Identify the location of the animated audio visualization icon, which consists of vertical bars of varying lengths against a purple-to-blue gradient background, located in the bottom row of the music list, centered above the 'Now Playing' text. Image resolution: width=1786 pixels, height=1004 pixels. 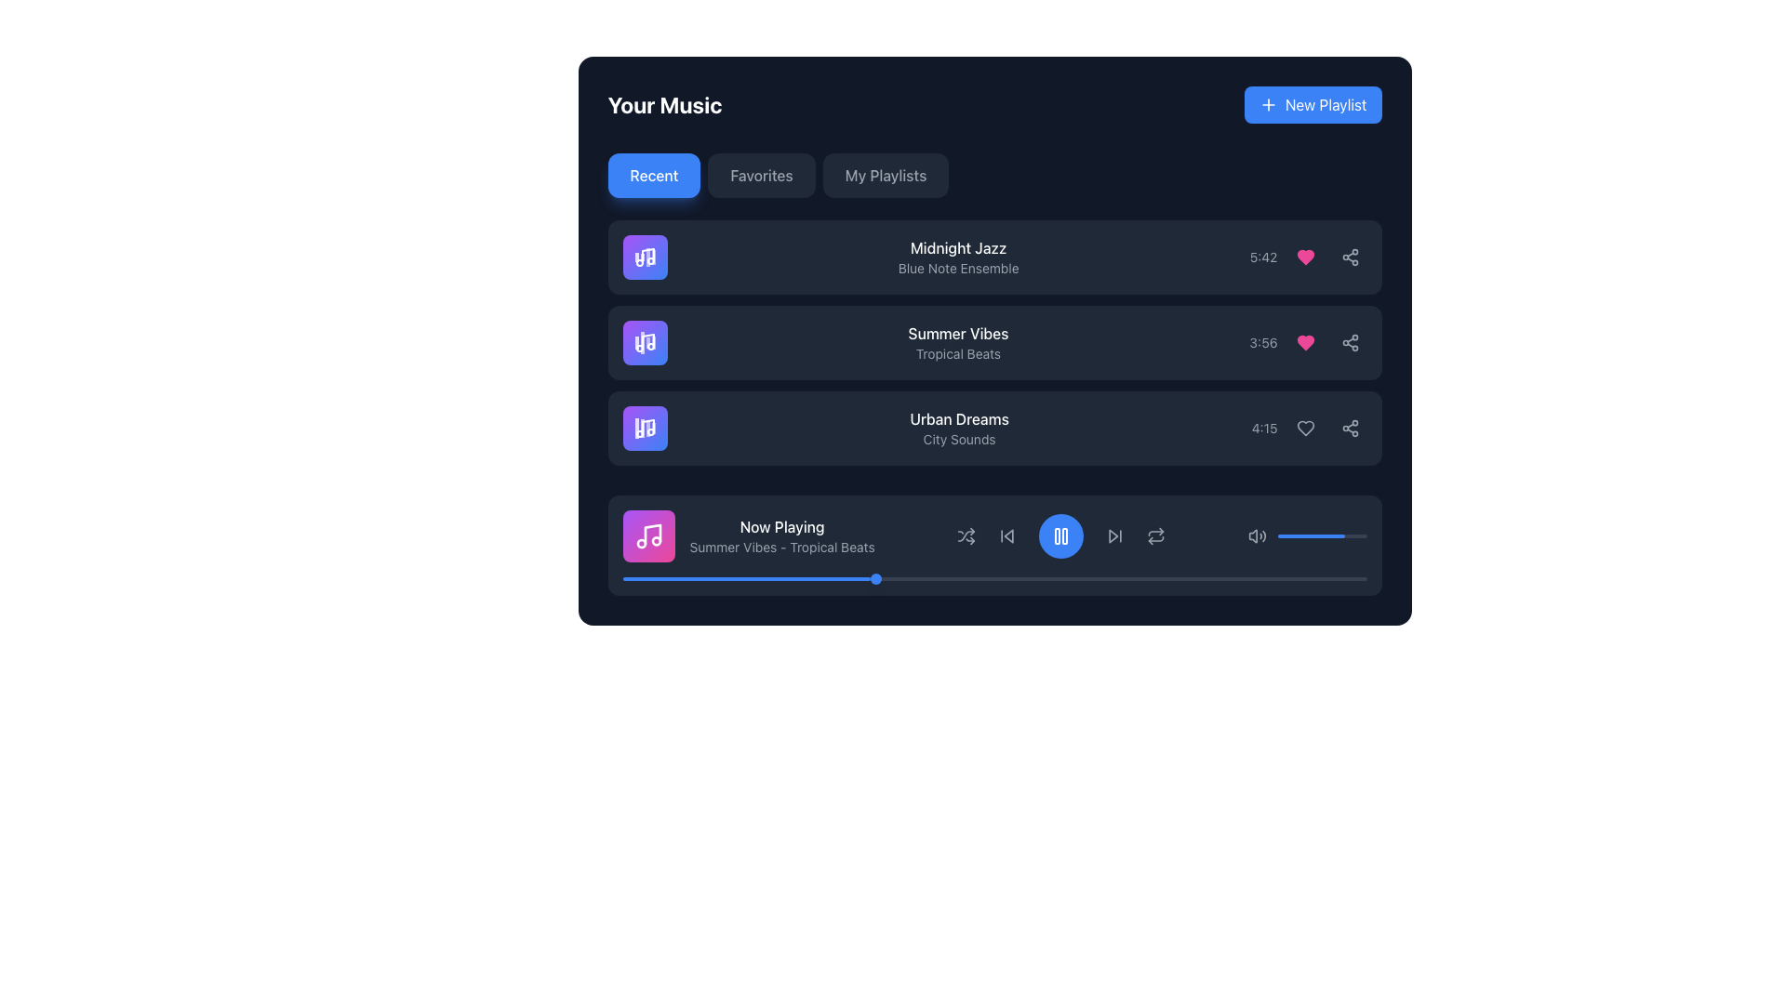
(645, 429).